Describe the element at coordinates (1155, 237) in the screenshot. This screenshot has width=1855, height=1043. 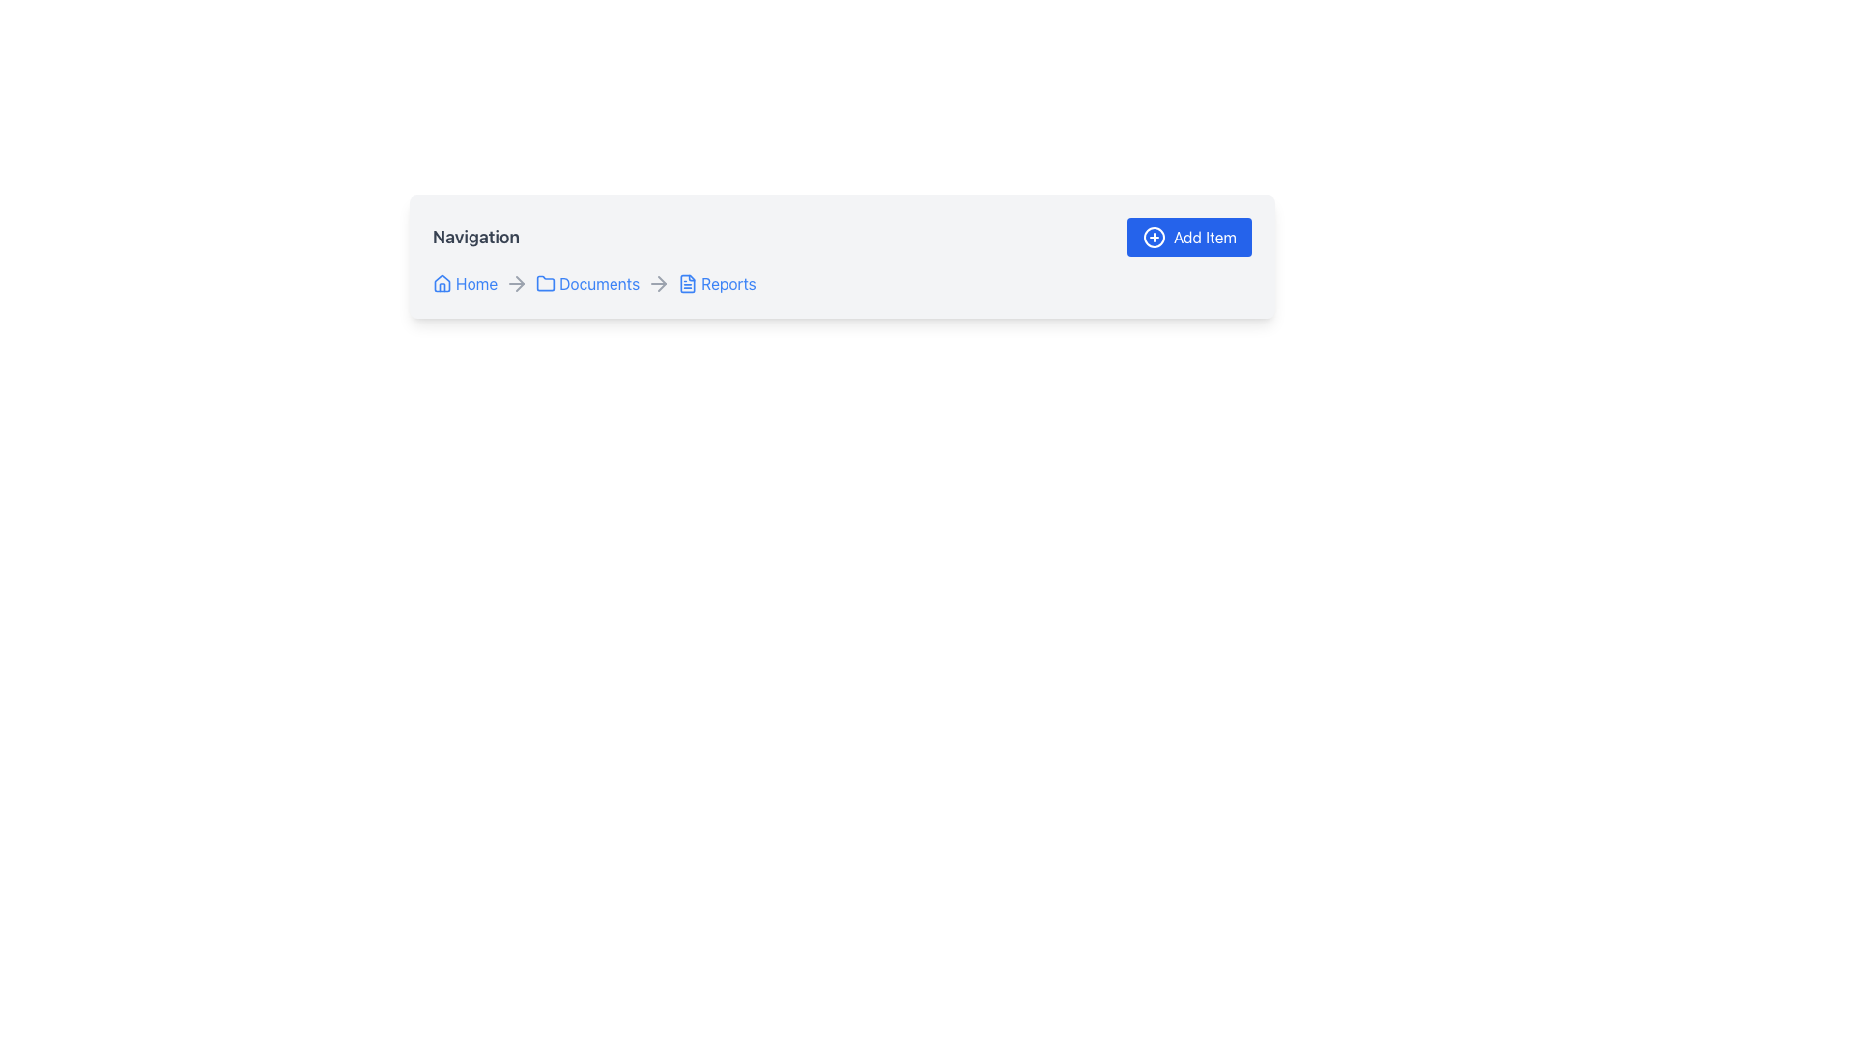
I see `the circular icon with a blue background and a white '+' symbol inside, which is part of the 'Add Item' button located on the right side of the interface` at that location.